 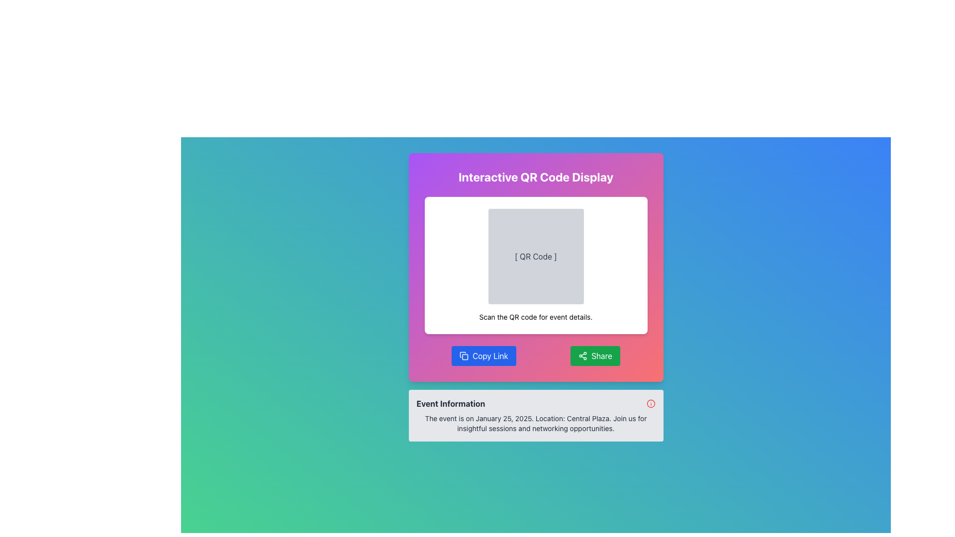 I want to click on the green 'Share' button with rounded corners located in the bottom-right corner of the button section, so click(x=595, y=356).